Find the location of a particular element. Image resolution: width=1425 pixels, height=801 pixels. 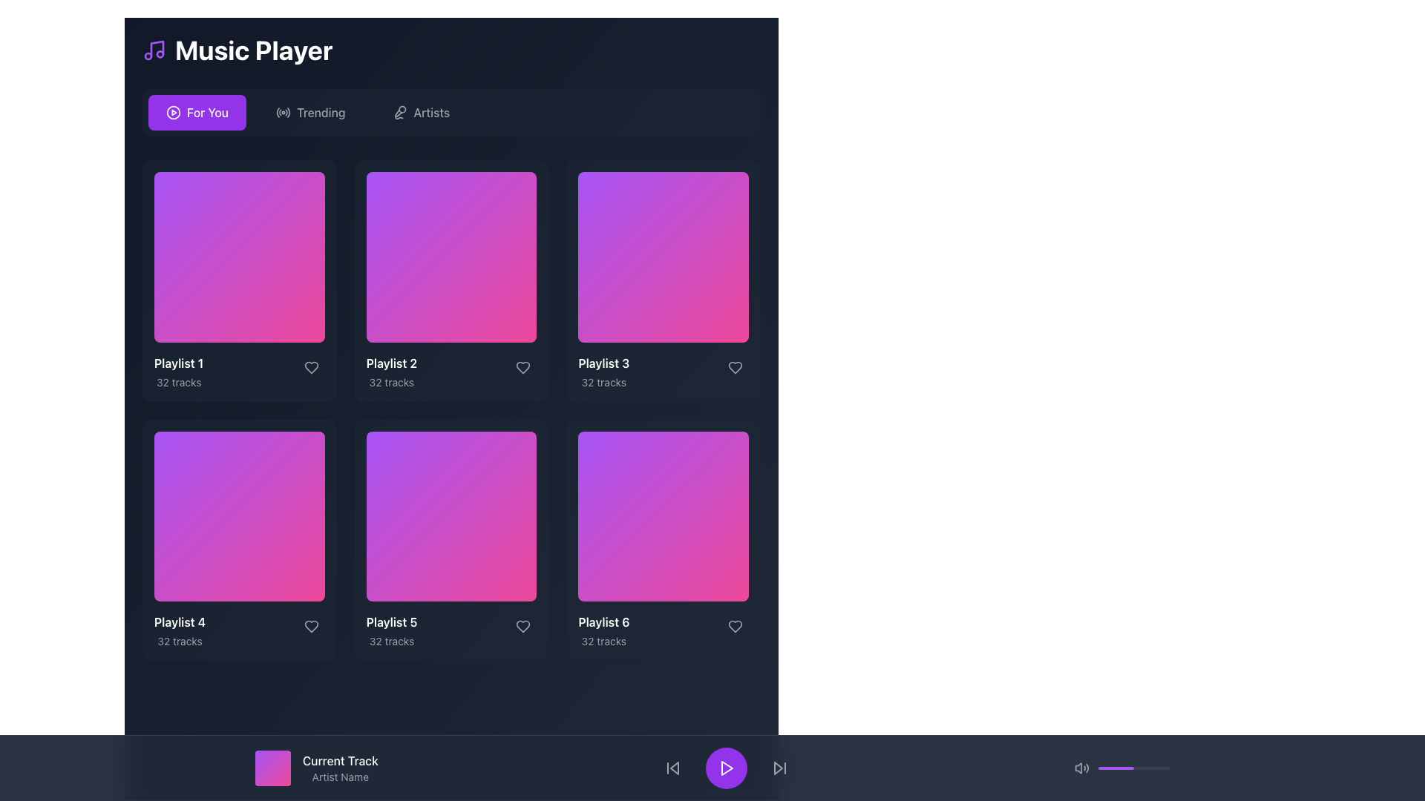

the 'Artists' text label in the header bar of the music player interface is located at coordinates (430, 111).